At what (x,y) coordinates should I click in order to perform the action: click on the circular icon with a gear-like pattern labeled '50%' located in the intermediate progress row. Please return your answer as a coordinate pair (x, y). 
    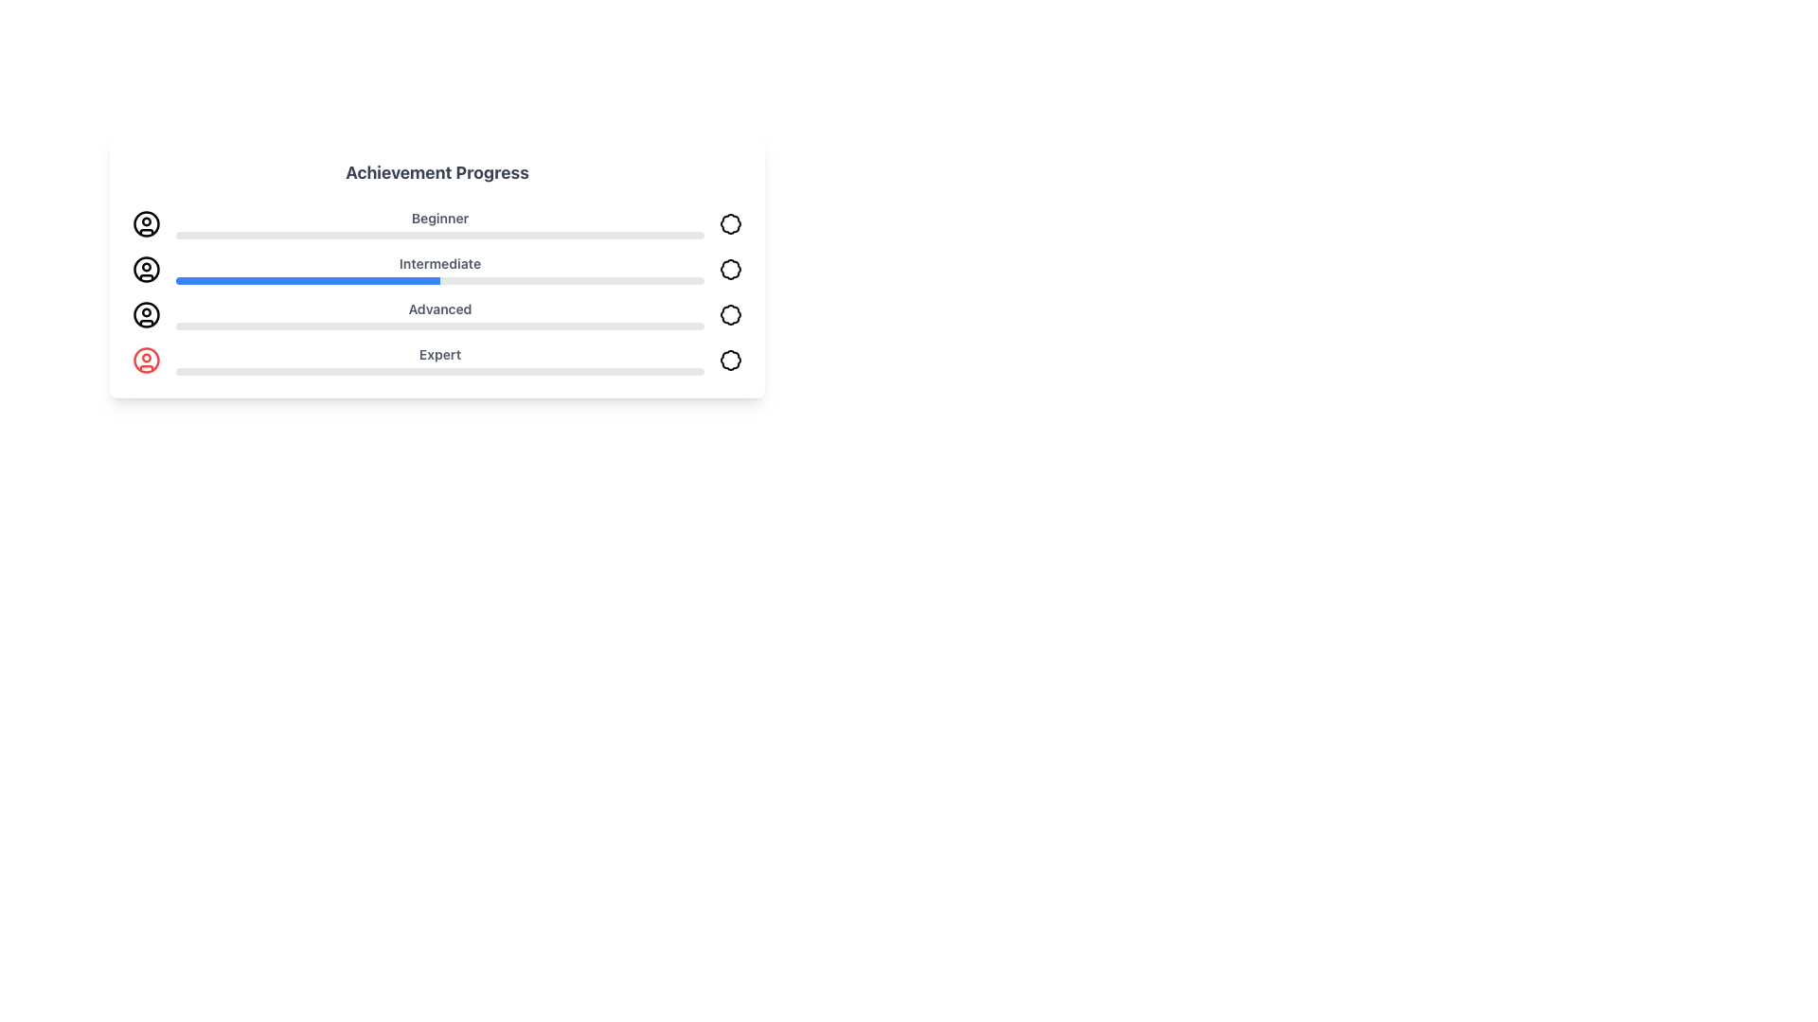
    Looking at the image, I should click on (730, 270).